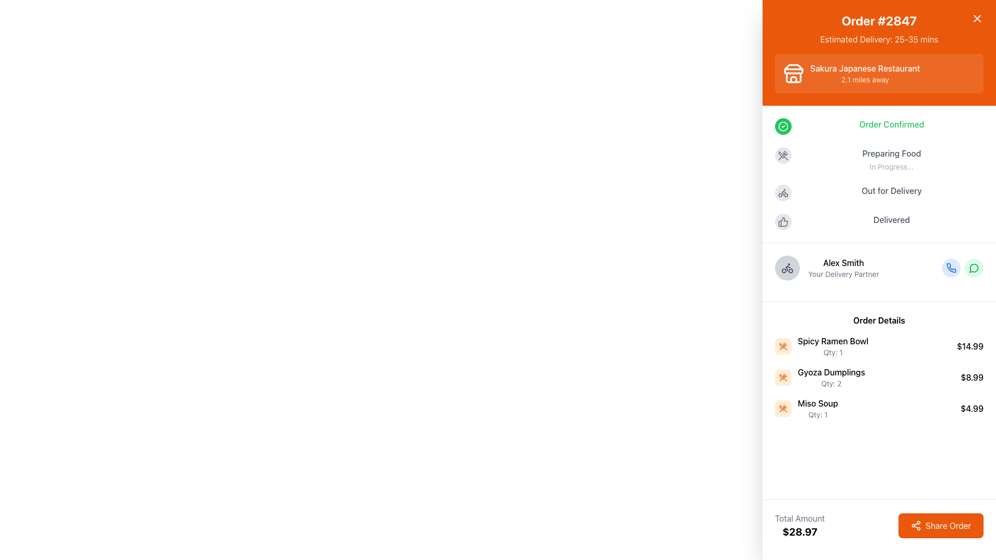 This screenshot has width=996, height=560. I want to click on the Close Button (SVG icon) located at the top-right corner of the interface, so click(976, 18).